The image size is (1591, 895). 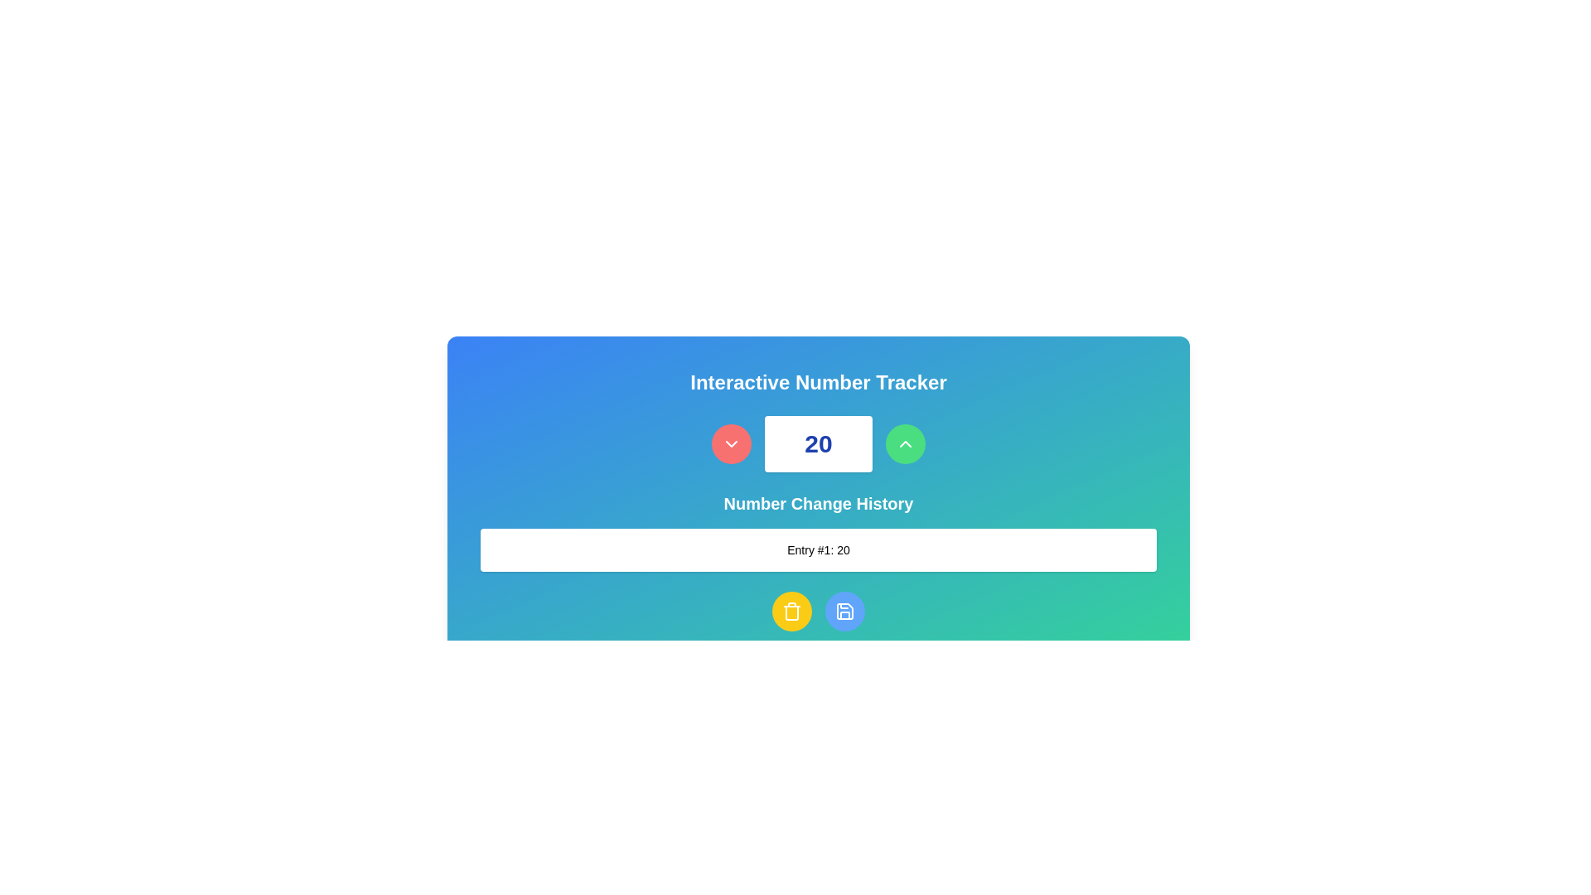 I want to click on the save icon shaped like a floppy disk, which is located within a circular blue button at the bottom center of the interface, so click(x=844, y=611).